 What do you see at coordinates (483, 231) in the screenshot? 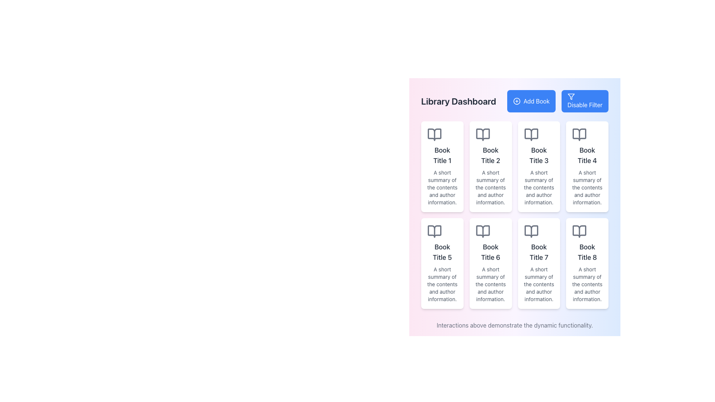
I see `the open book icon located in the header section of the card labeled 'Book Title 6' in the library dashboard` at bounding box center [483, 231].